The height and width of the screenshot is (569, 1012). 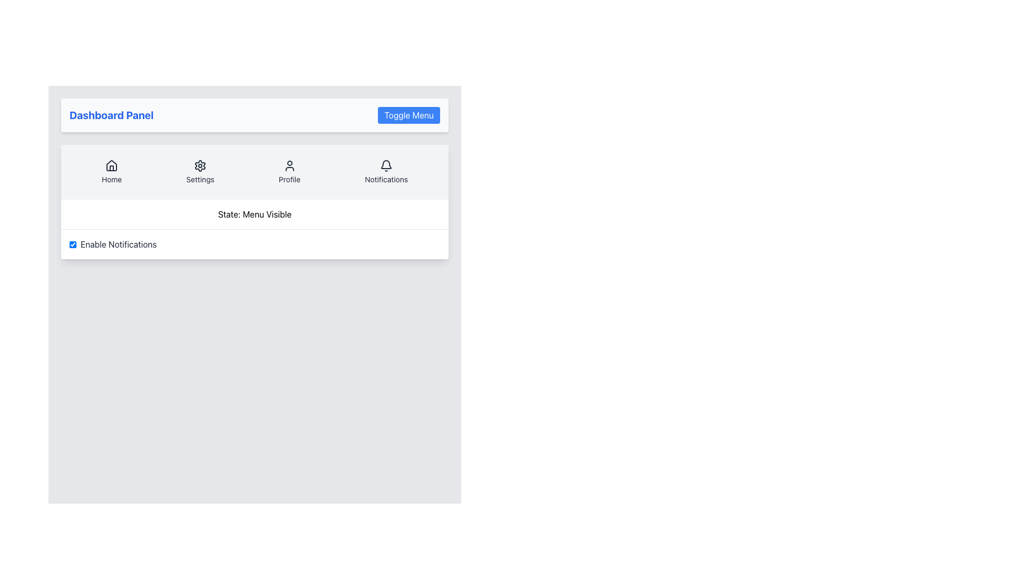 I want to click on 'Settings' text label located in the navigation bar under the gear icon, which is the second element from the left, so click(x=200, y=179).